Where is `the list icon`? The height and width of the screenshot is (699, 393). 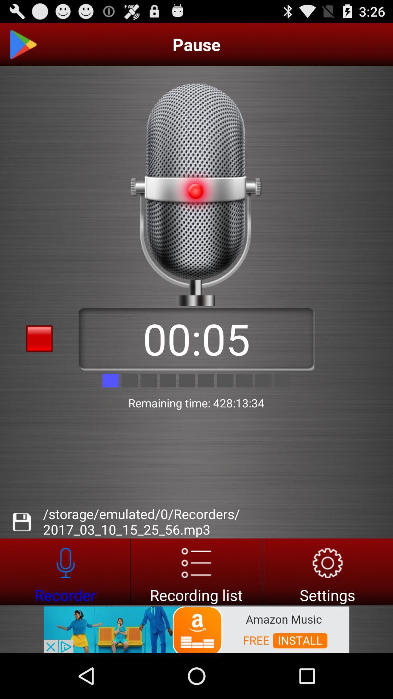 the list icon is located at coordinates (196, 612).